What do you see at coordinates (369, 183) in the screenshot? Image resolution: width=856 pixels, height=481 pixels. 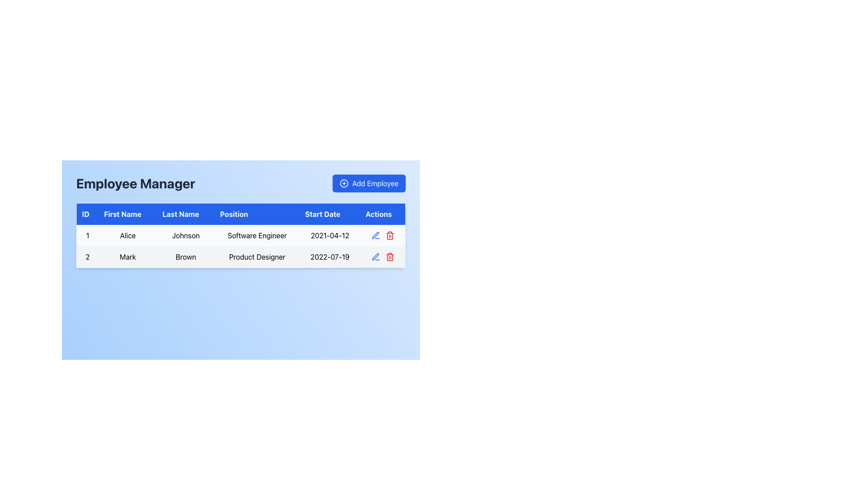 I see `the 'Add Employee' button, which is a dark blue rectangular button with white text and a plus icon, located in the top-right corner of the 'Employee Manager' bar` at bounding box center [369, 183].